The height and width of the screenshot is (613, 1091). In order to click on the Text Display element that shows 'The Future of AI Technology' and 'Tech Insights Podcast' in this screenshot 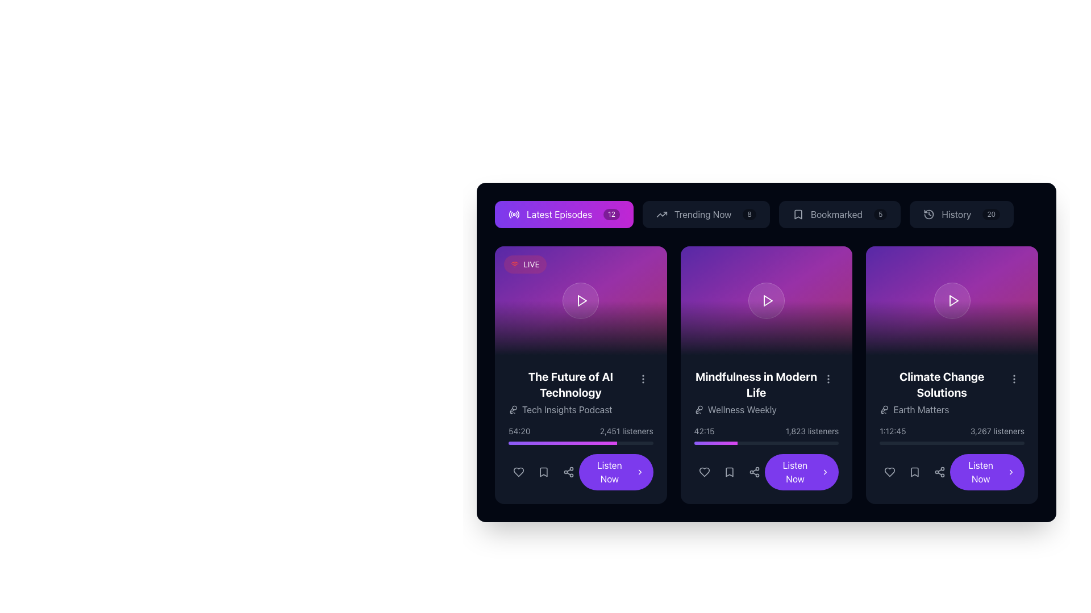, I will do `click(581, 392)`.